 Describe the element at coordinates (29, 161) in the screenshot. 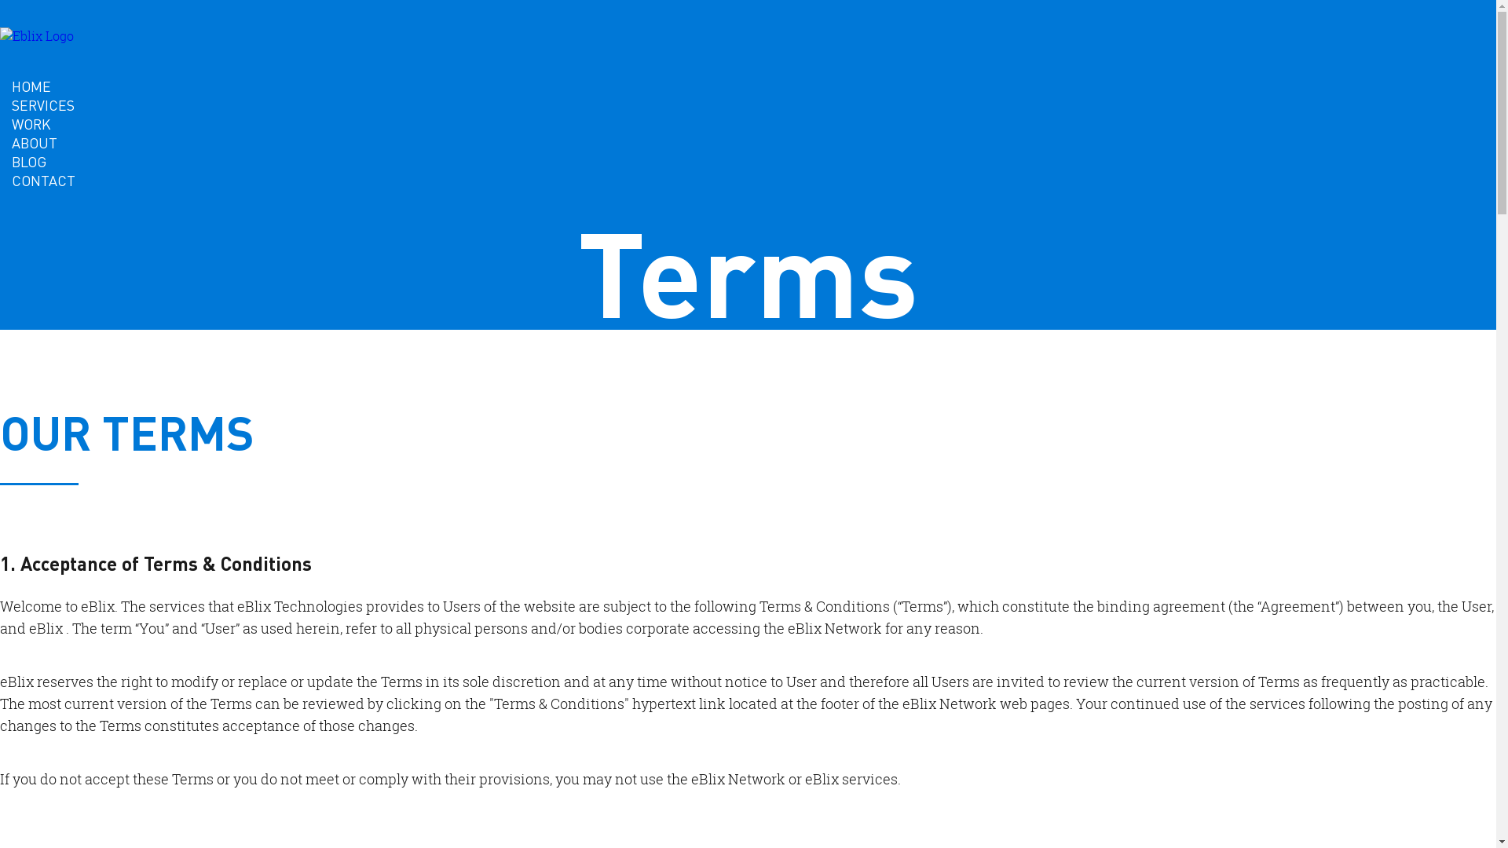

I see `'BLOG'` at that location.